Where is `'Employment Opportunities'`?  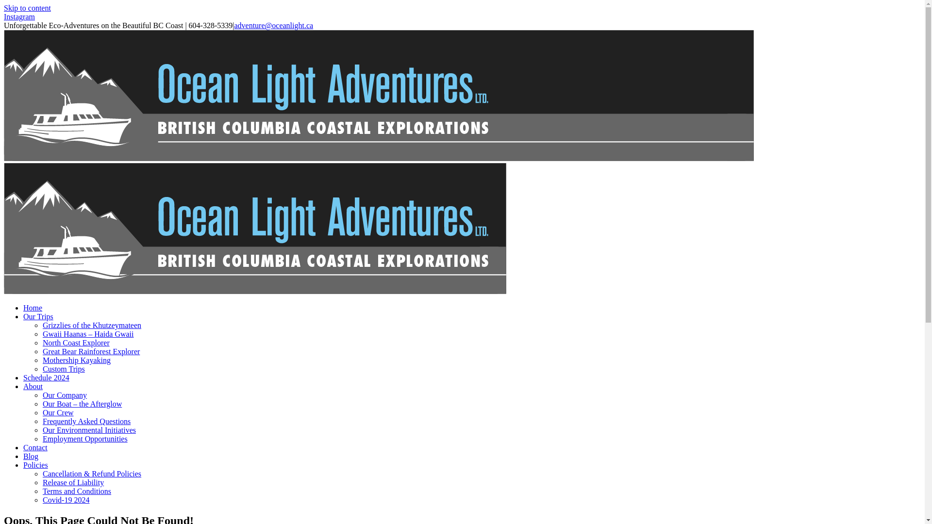
'Employment Opportunities' is located at coordinates (85, 439).